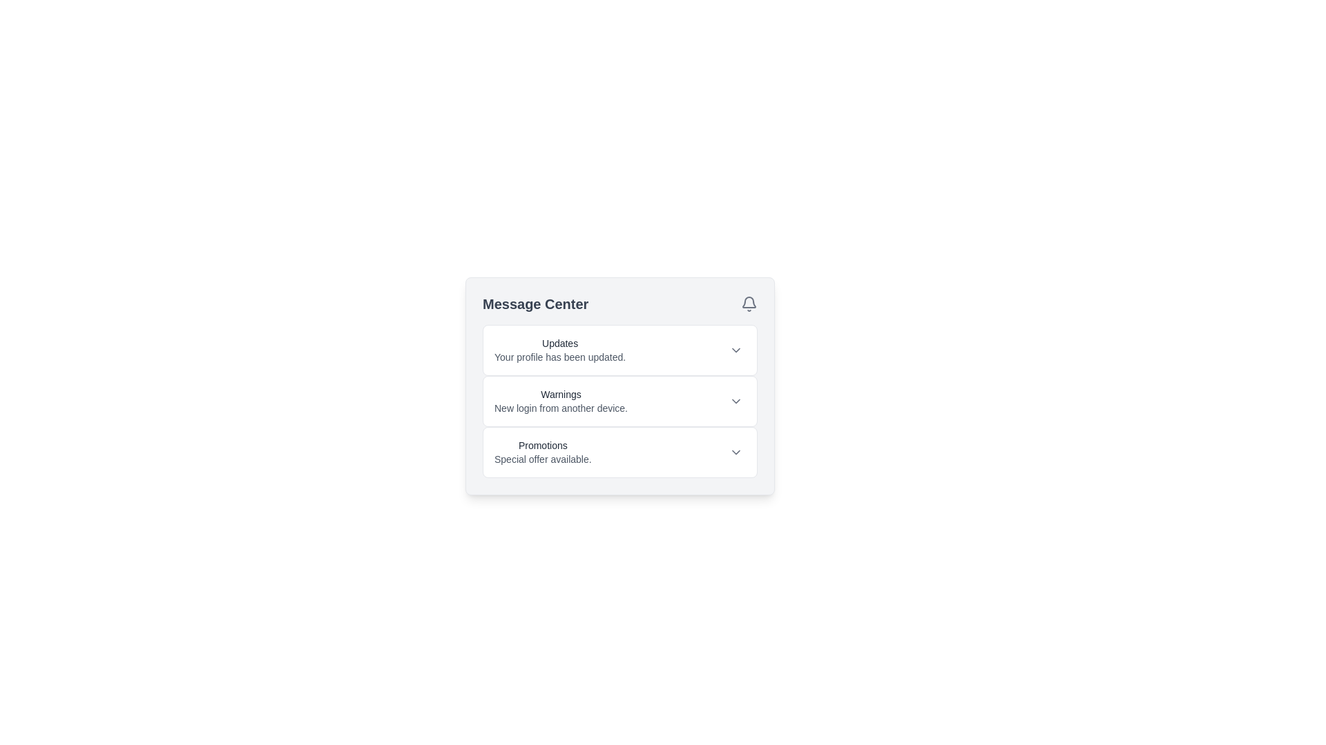 This screenshot has width=1326, height=745. Describe the element at coordinates (561, 407) in the screenshot. I see `the static text warning about a new login from another device located in the Message Center panel, directly below the 'Warnings' title` at that location.